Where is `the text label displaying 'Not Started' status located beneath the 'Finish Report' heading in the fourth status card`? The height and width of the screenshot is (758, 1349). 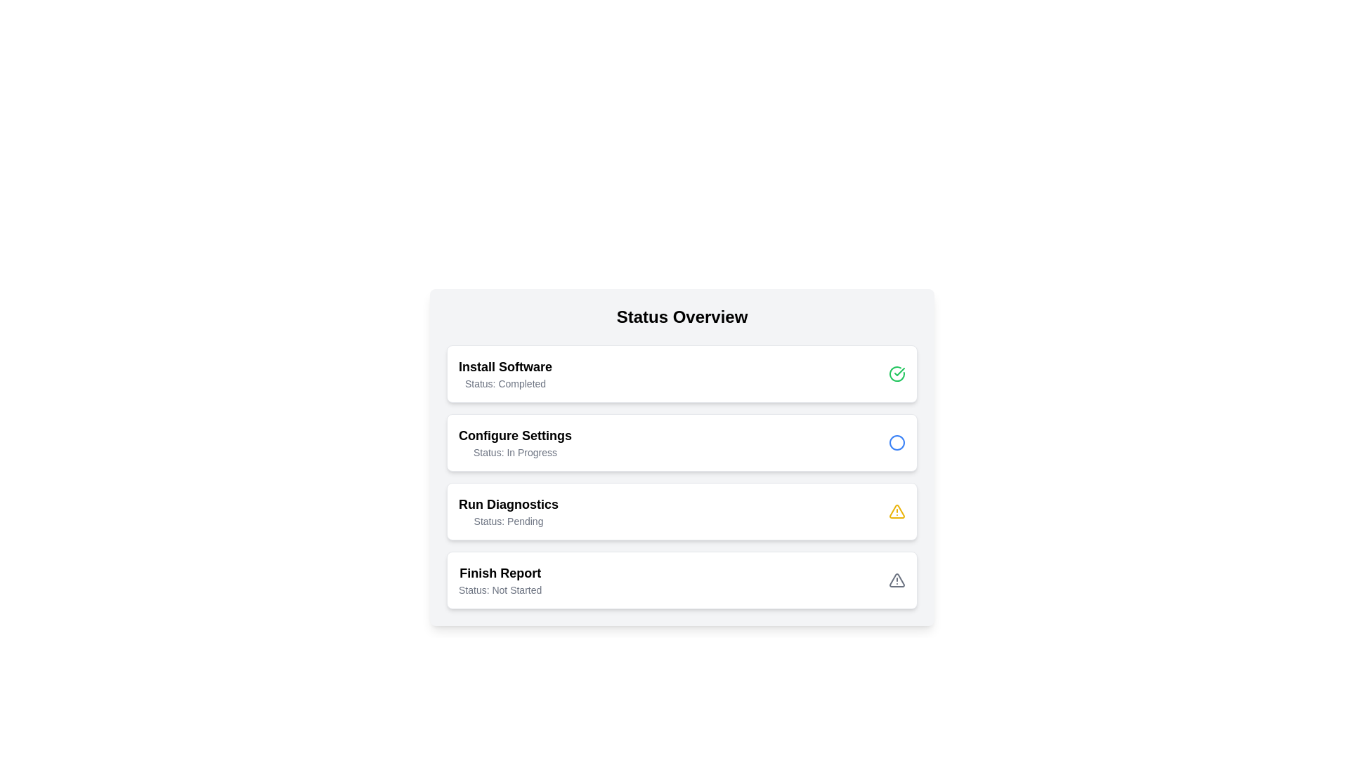 the text label displaying 'Not Started' status located beneath the 'Finish Report' heading in the fourth status card is located at coordinates (500, 590).